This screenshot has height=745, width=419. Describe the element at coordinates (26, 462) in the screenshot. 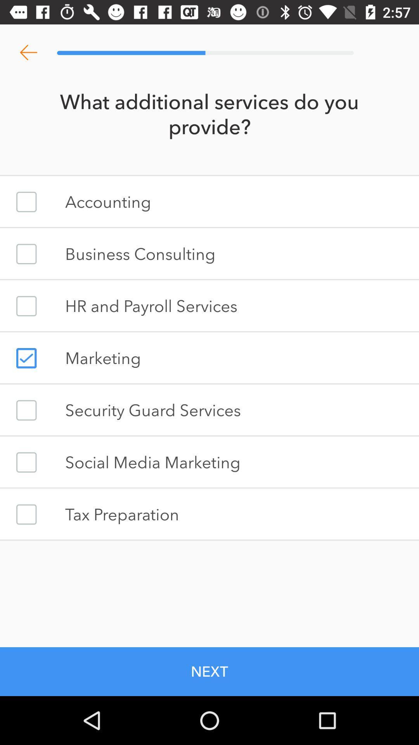

I see `market on social media` at that location.